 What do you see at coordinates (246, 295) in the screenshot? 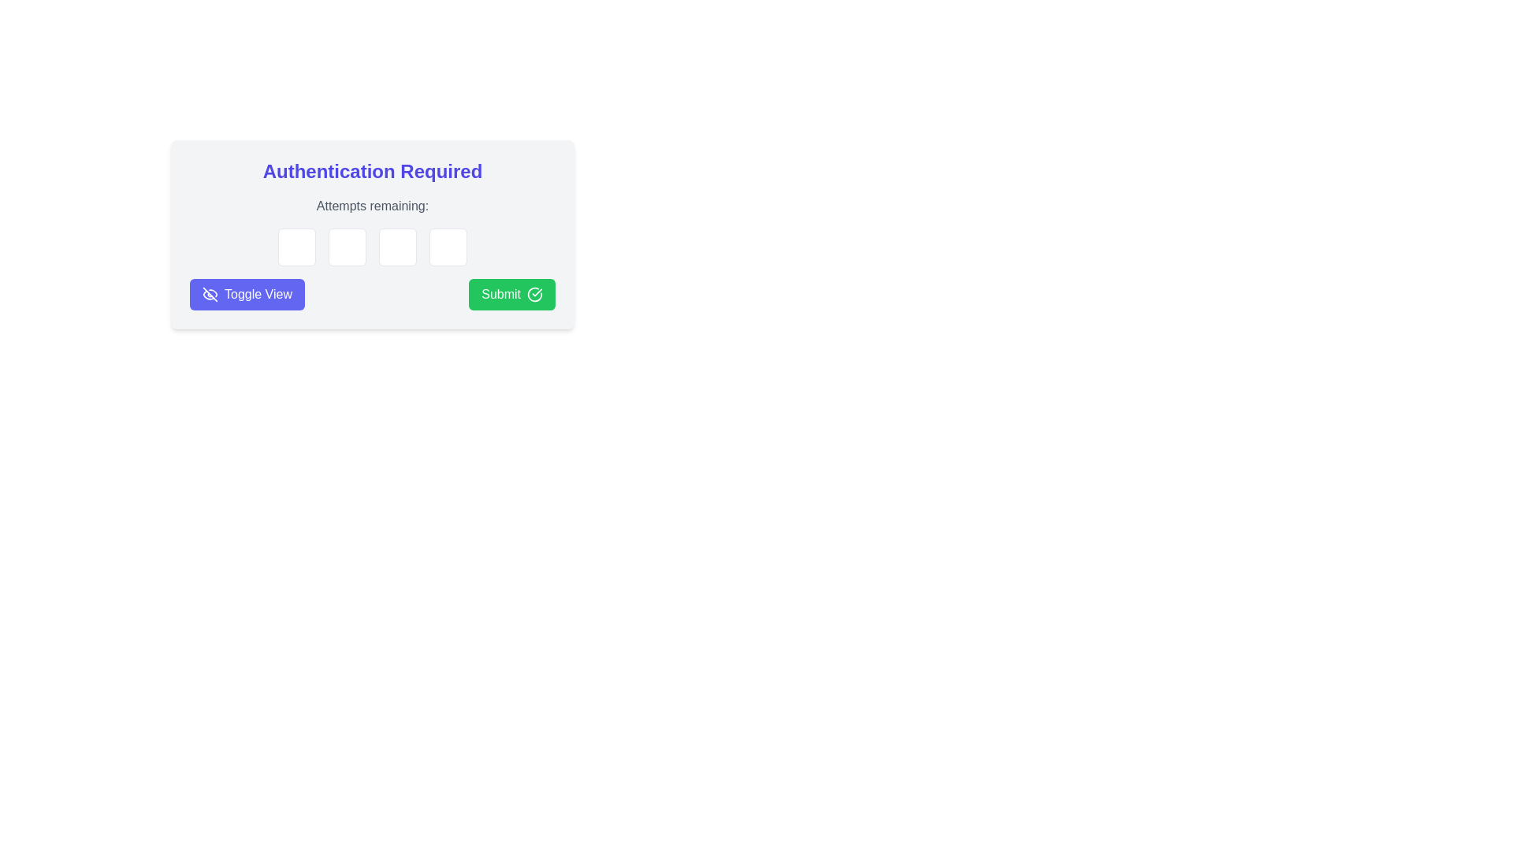
I see `the leftmost rounded rectangular button with a purple background and white text reading 'Toggle View'` at bounding box center [246, 295].